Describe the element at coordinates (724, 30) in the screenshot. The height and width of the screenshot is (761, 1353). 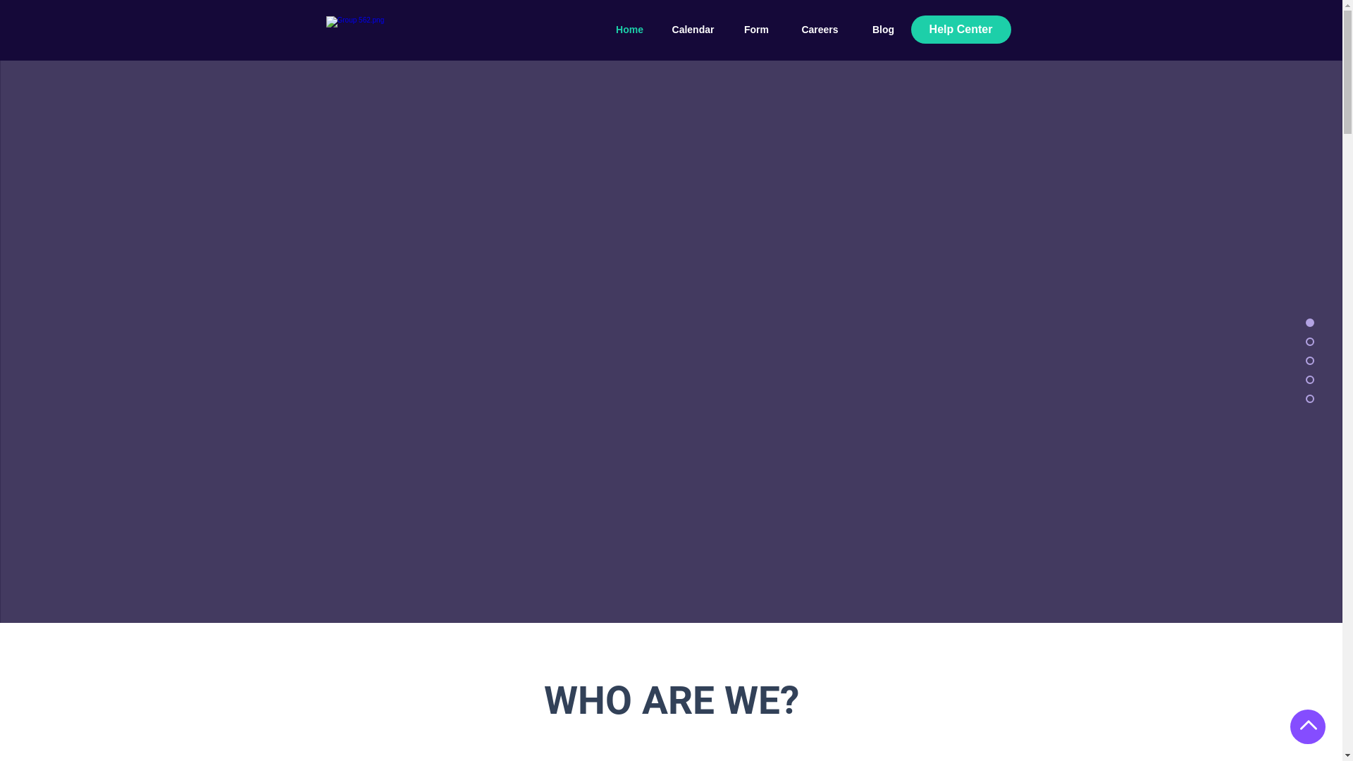
I see `'Form'` at that location.